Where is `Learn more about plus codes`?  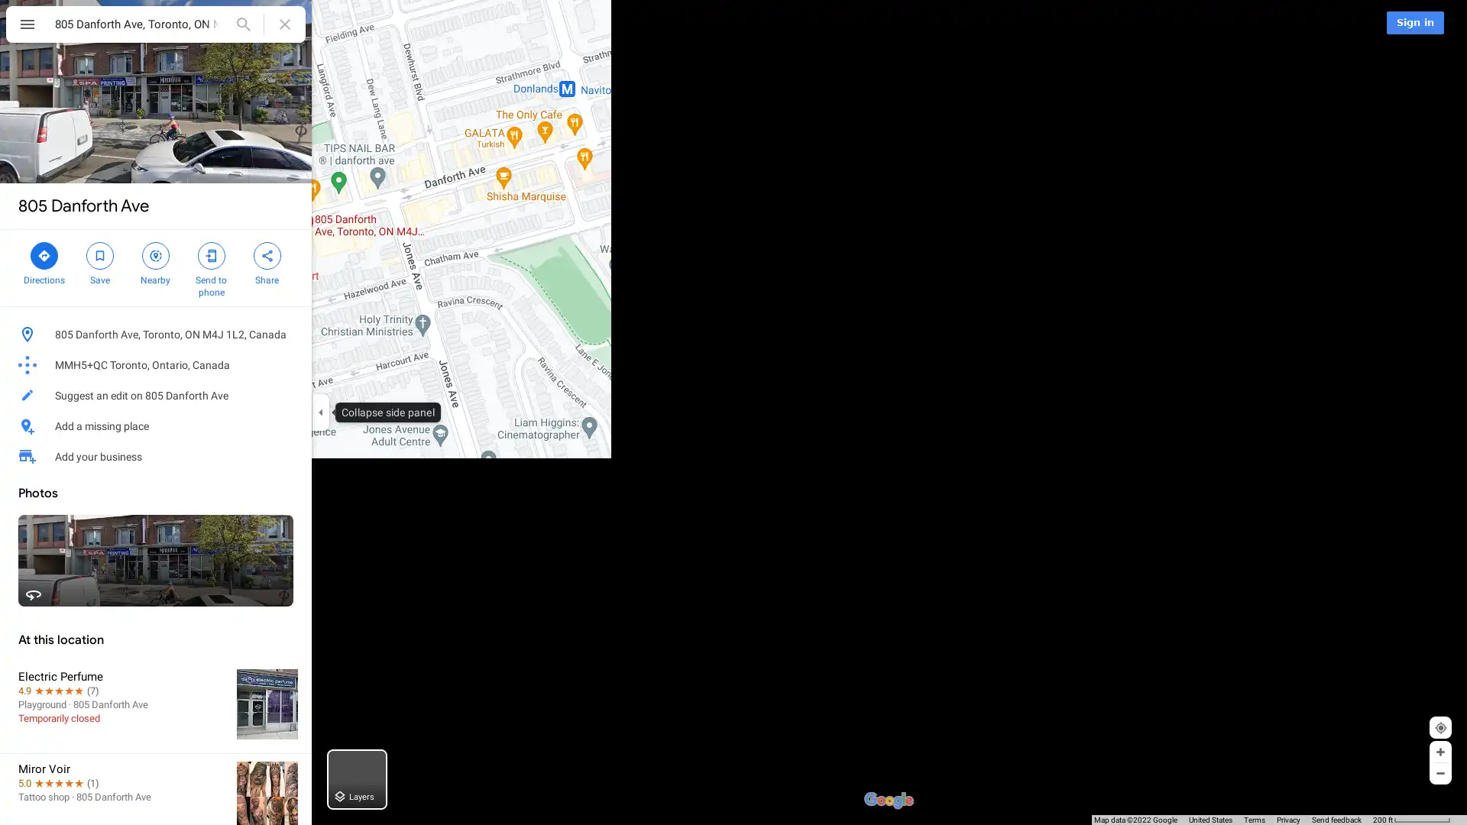 Learn more about plus codes is located at coordinates (293, 365).